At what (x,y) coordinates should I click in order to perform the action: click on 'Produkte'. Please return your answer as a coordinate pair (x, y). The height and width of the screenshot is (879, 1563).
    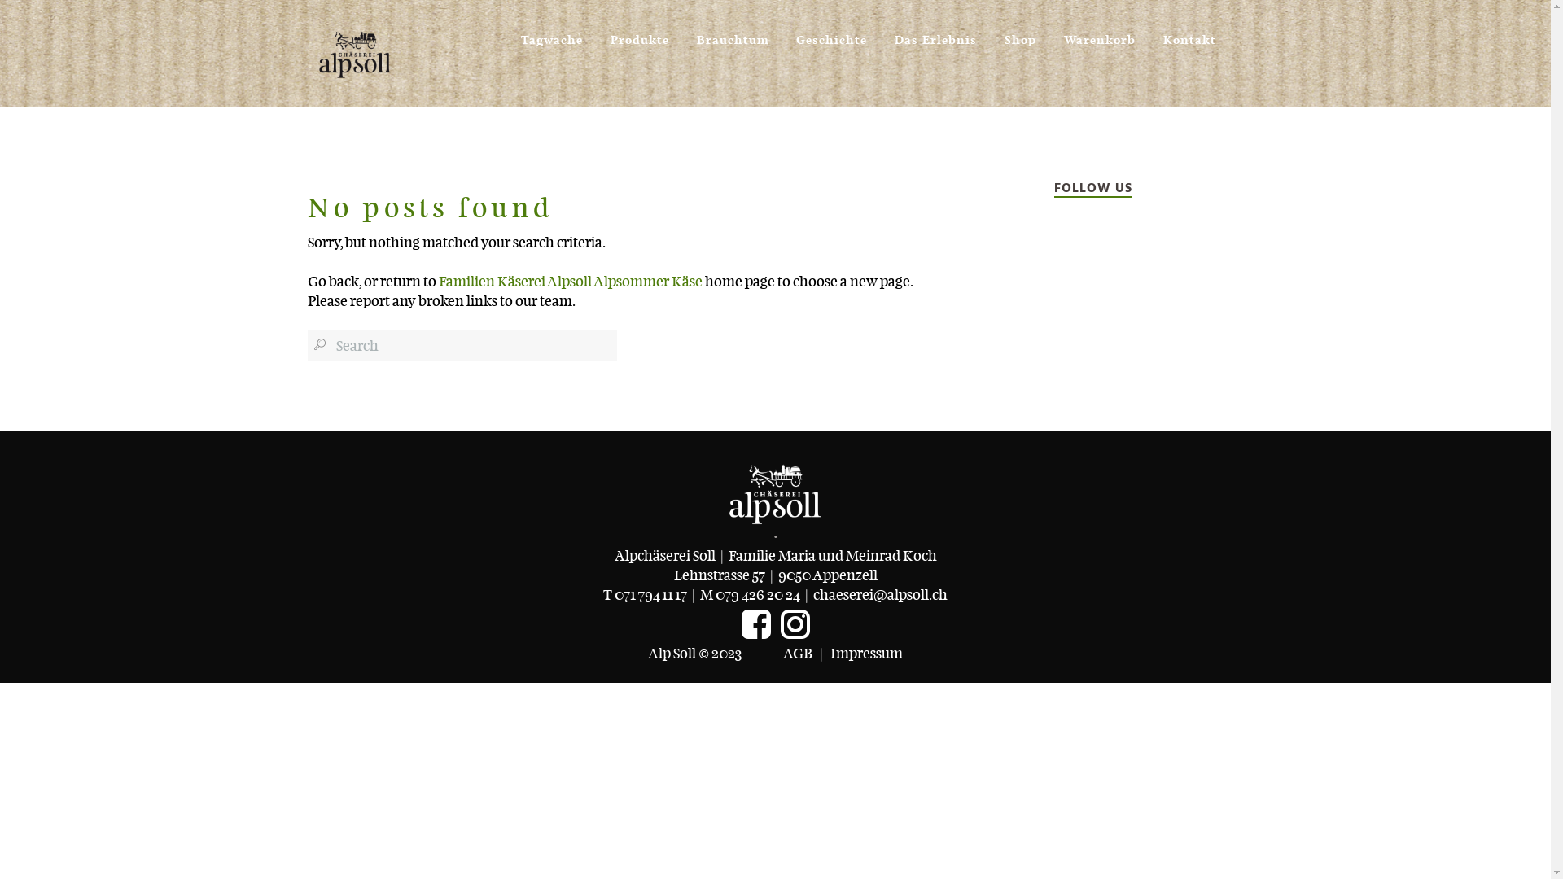
    Looking at the image, I should click on (639, 33).